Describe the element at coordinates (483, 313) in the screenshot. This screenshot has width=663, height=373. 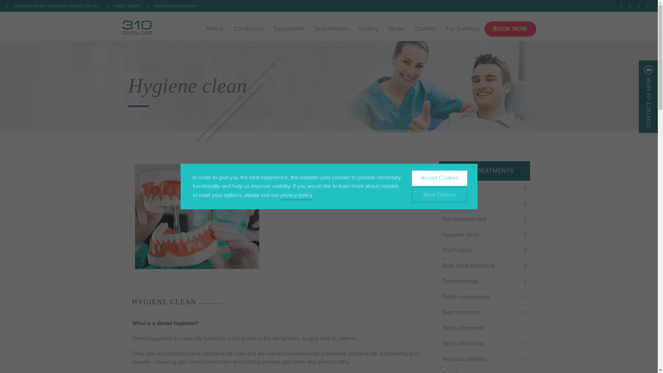
I see `'Gum treatment'` at that location.